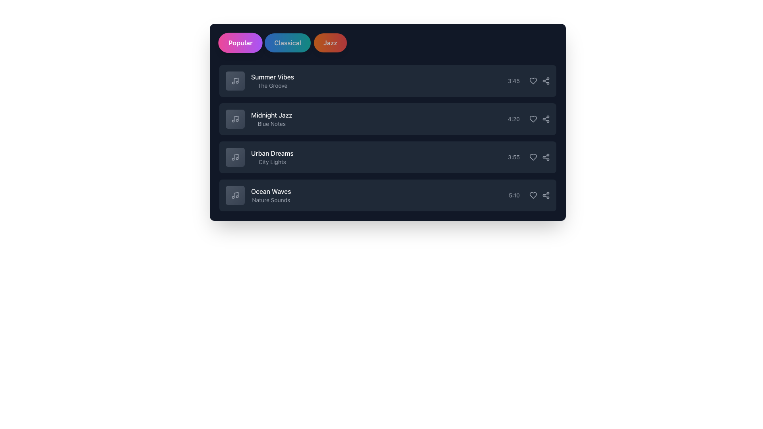 This screenshot has width=763, height=429. I want to click on the Decorative music note icon, which is a gray vector graphic styled as a simplistic music note, located in the second row next to 'Midnight Jazz', so click(234, 119).